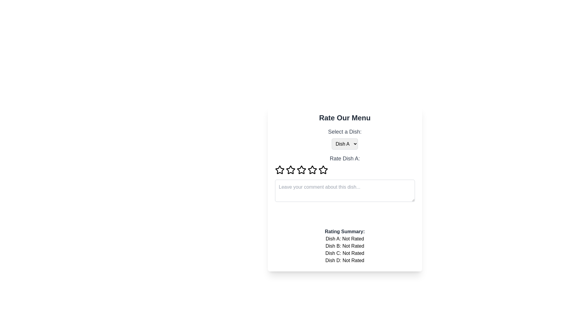  I want to click on the text label displaying 'Dish B: Not Rated', which is the second item in a vertical list under the 'Rating Summary:' heading, so click(345, 246).